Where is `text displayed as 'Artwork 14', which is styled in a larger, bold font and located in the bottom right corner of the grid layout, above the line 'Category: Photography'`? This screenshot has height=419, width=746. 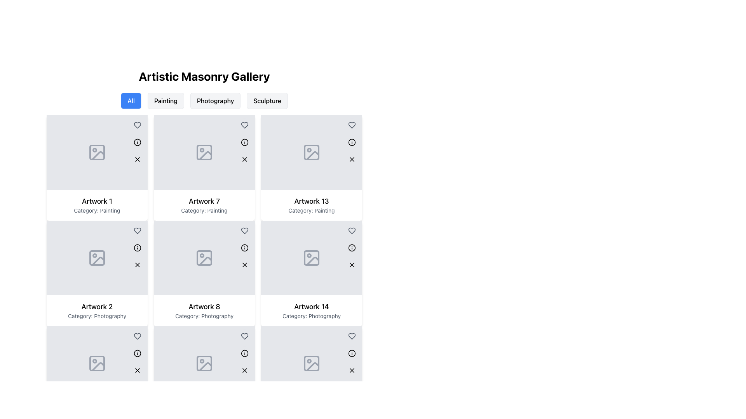
text displayed as 'Artwork 14', which is styled in a larger, bold font and located in the bottom right corner of the grid layout, above the line 'Category: Photography' is located at coordinates (311, 306).